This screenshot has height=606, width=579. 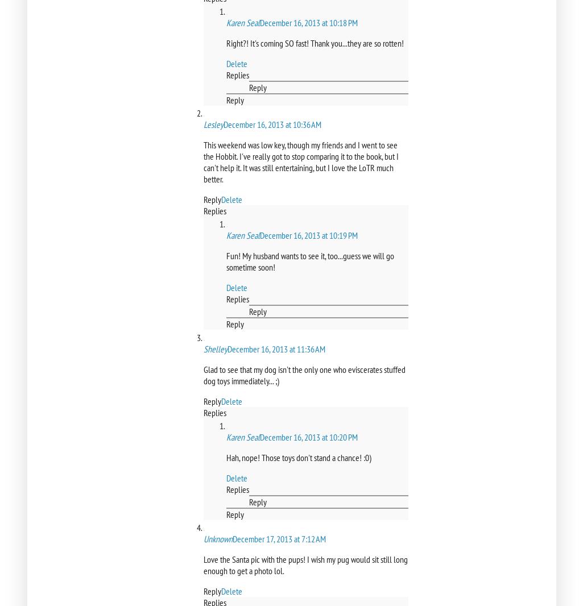 What do you see at coordinates (300, 162) in the screenshot?
I see `'This weekend was low key, though my friends and I went to see the Hobbit.  I've really got to stop comparing it to the book, but I can't help it.  It was still entertaining, but I love the LoTR much better.'` at bounding box center [300, 162].